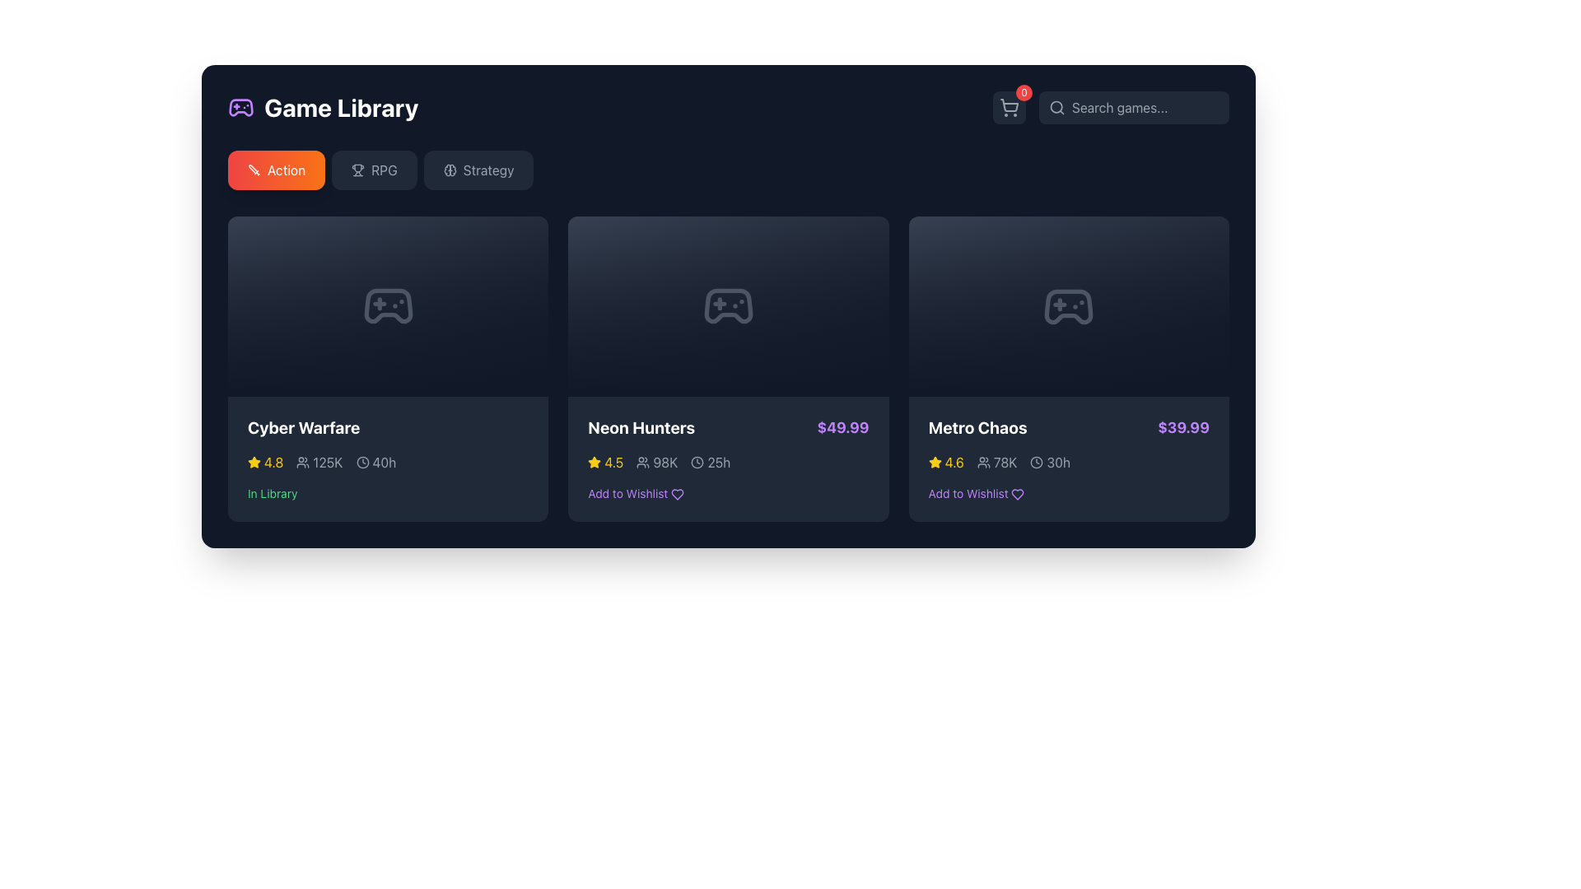 Image resolution: width=1581 pixels, height=889 pixels. I want to click on text from the title label of the game 'Metro Chaos', which is located at the top of the information section in the third game box of the library interface, so click(977, 427).